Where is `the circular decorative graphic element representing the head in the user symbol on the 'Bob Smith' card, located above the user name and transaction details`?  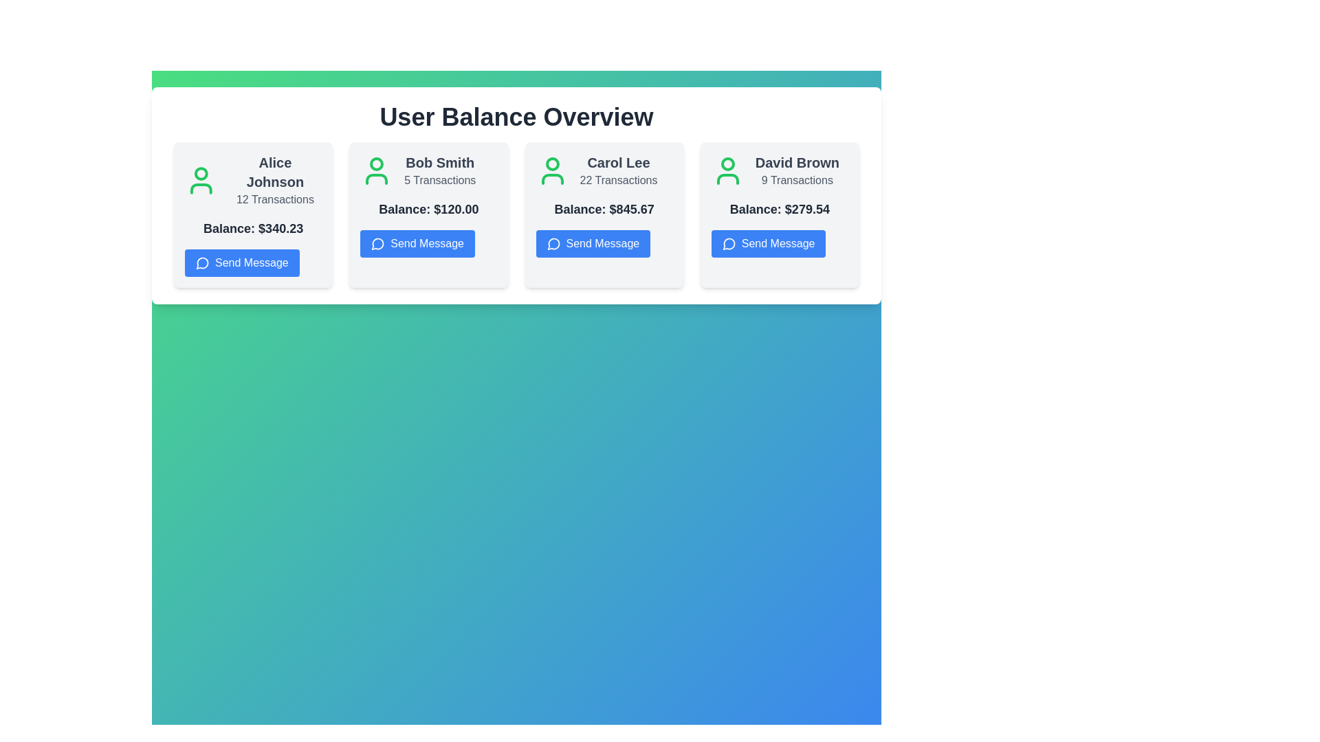
the circular decorative graphic element representing the head in the user symbol on the 'Bob Smith' card, located above the user name and transaction details is located at coordinates (377, 164).